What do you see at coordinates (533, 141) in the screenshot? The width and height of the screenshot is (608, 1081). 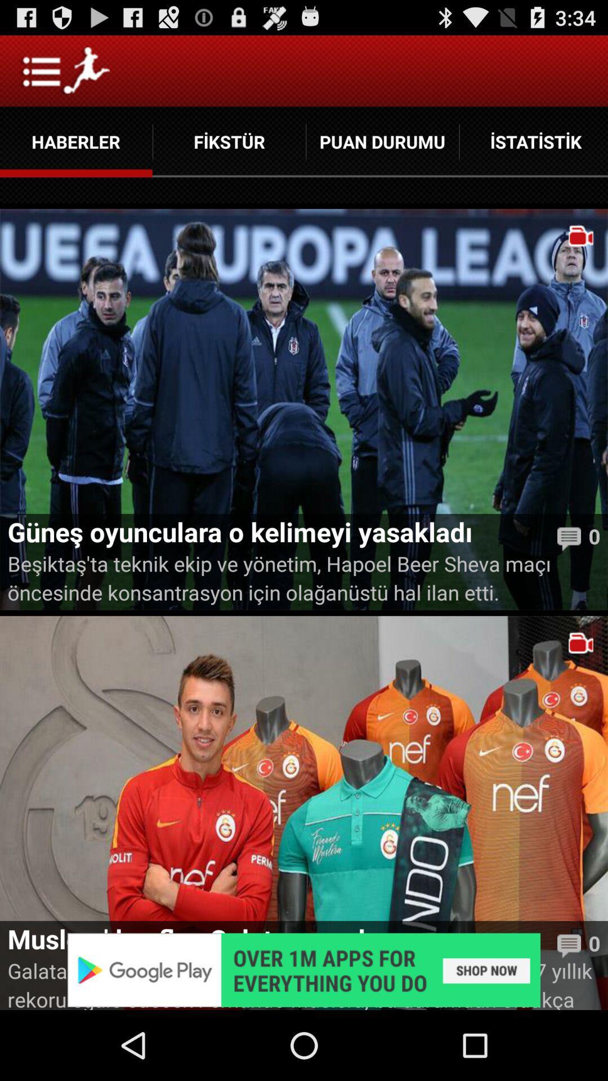 I see `the first button at top right corner of the page` at bounding box center [533, 141].